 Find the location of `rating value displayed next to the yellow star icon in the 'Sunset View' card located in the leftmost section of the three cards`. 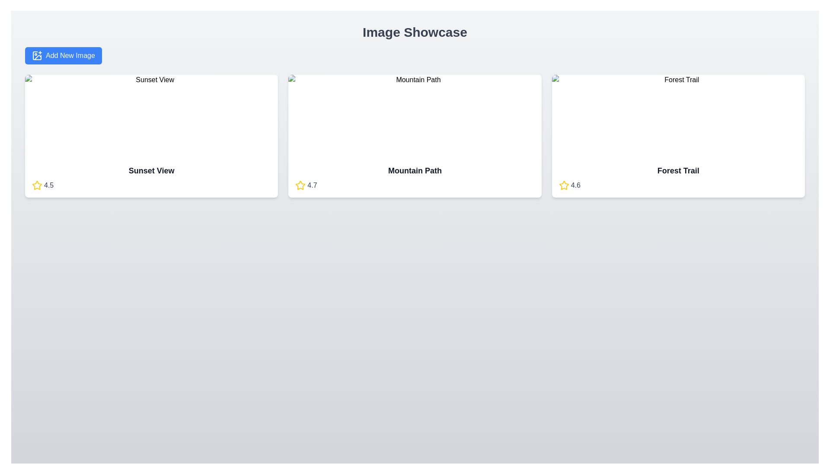

rating value displayed next to the yellow star icon in the 'Sunset View' card located in the leftmost section of the three cards is located at coordinates (48, 185).